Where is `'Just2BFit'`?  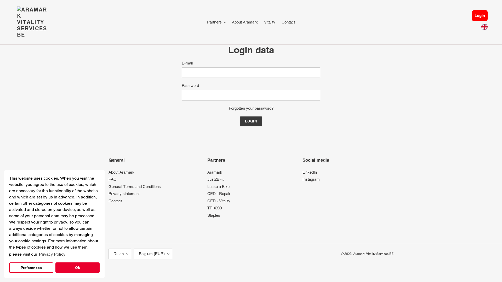 'Just2BFit' is located at coordinates (207, 179).